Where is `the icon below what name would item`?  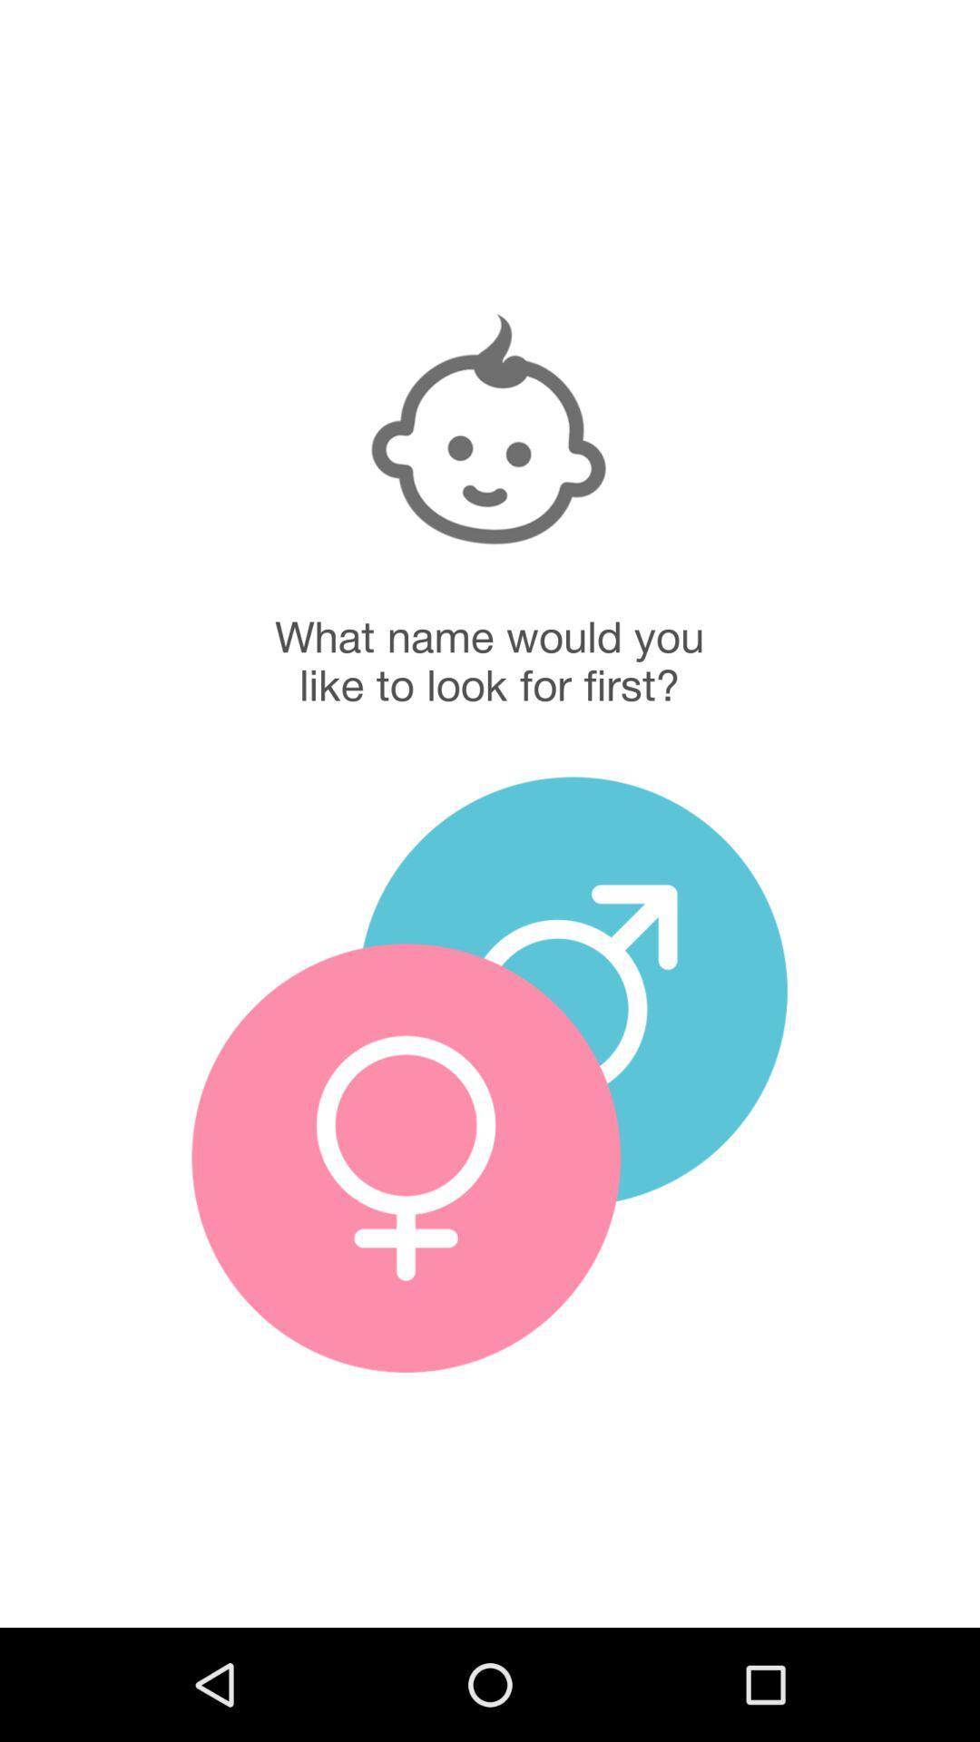 the icon below what name would item is located at coordinates (573, 990).